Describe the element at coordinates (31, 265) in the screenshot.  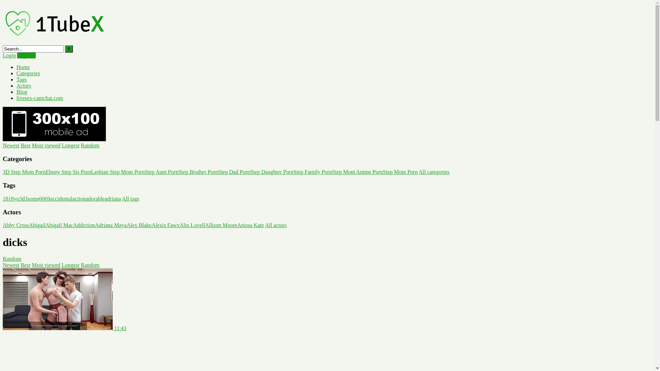
I see `'Most viewed'` at that location.